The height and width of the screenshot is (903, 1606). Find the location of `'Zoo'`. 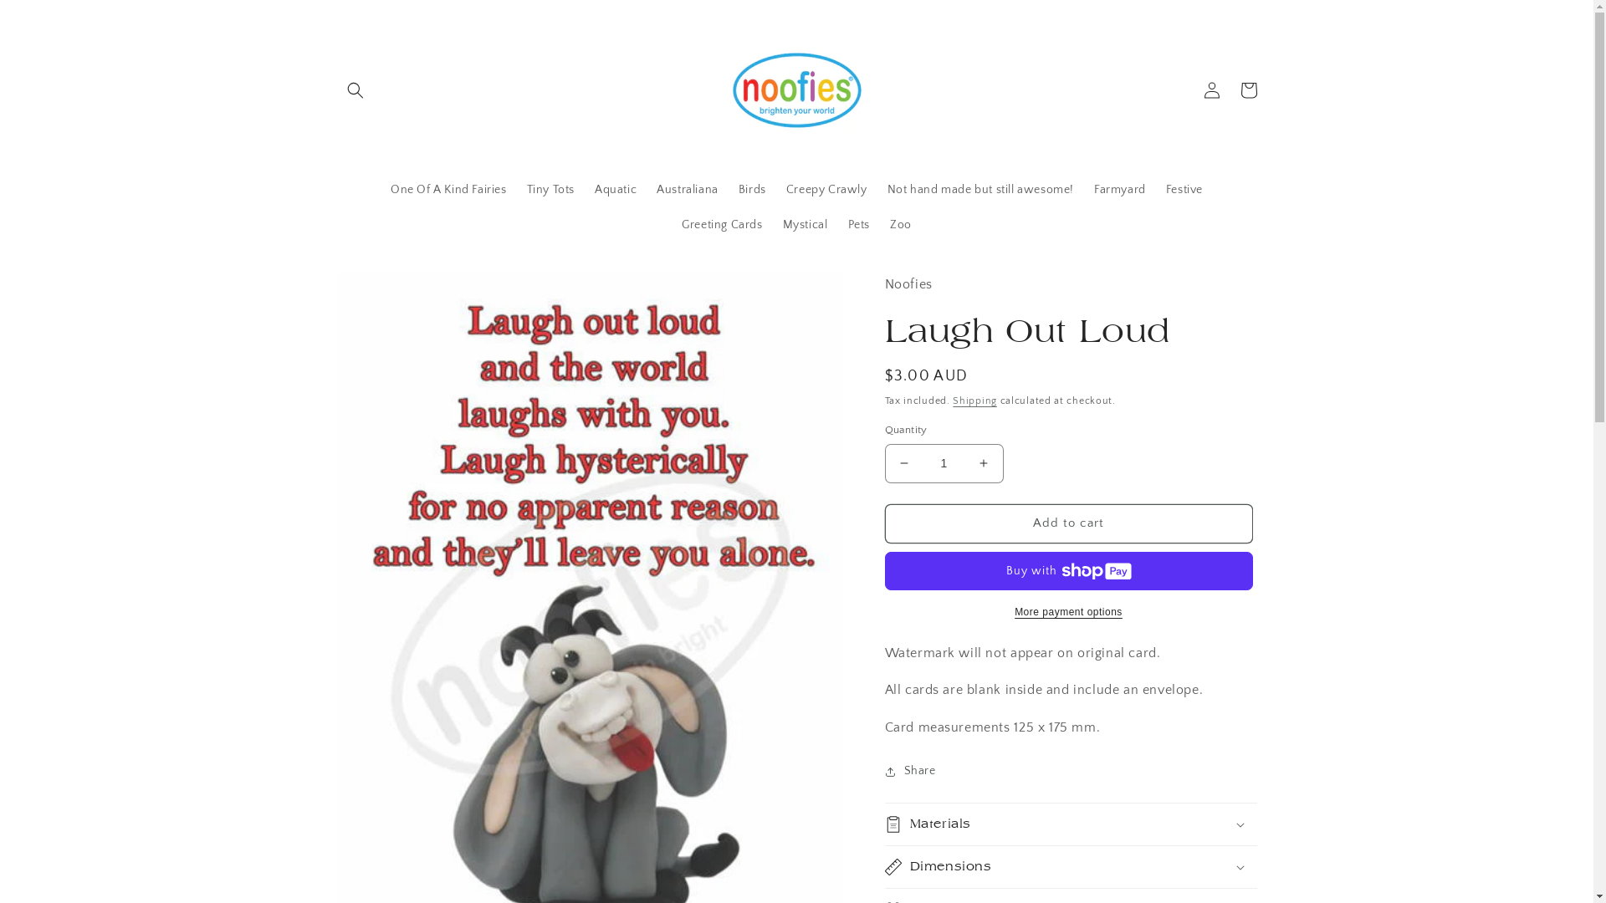

'Zoo' is located at coordinates (899, 224).